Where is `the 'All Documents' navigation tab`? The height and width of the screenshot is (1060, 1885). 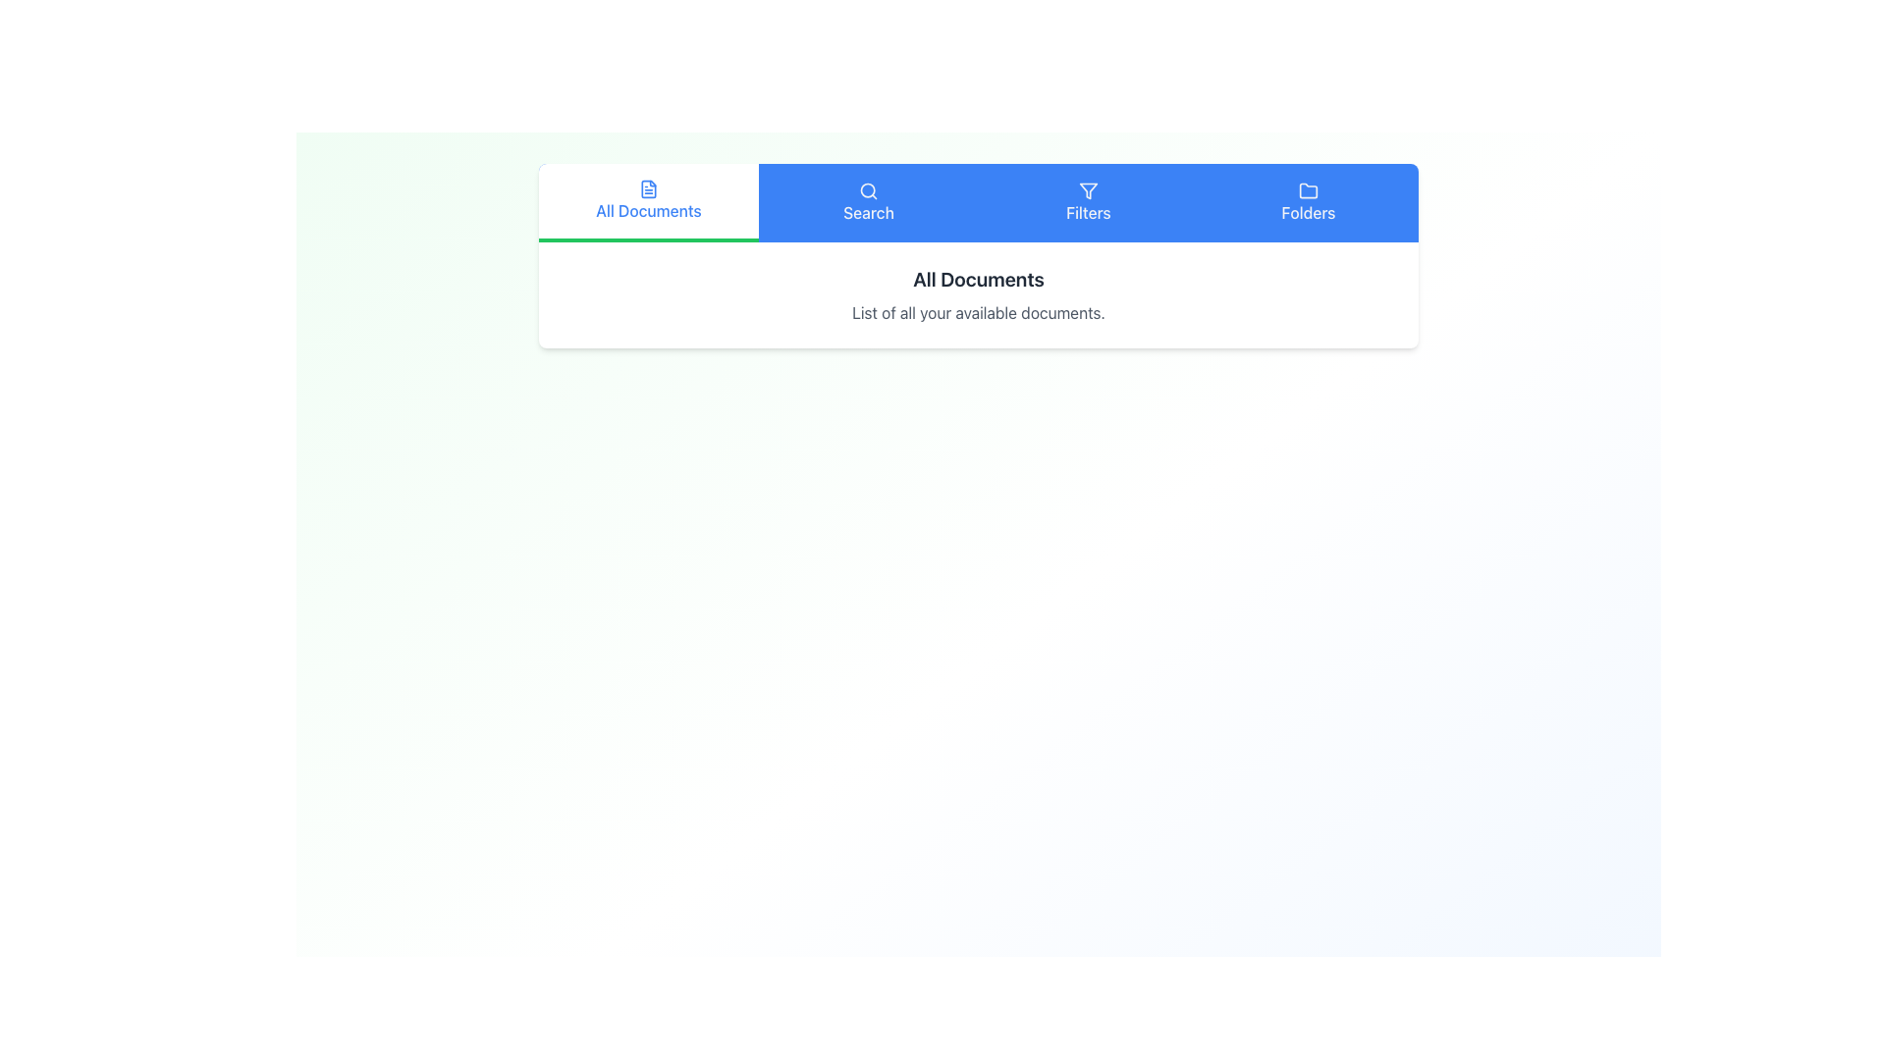 the 'All Documents' navigation tab is located at coordinates (649, 200).